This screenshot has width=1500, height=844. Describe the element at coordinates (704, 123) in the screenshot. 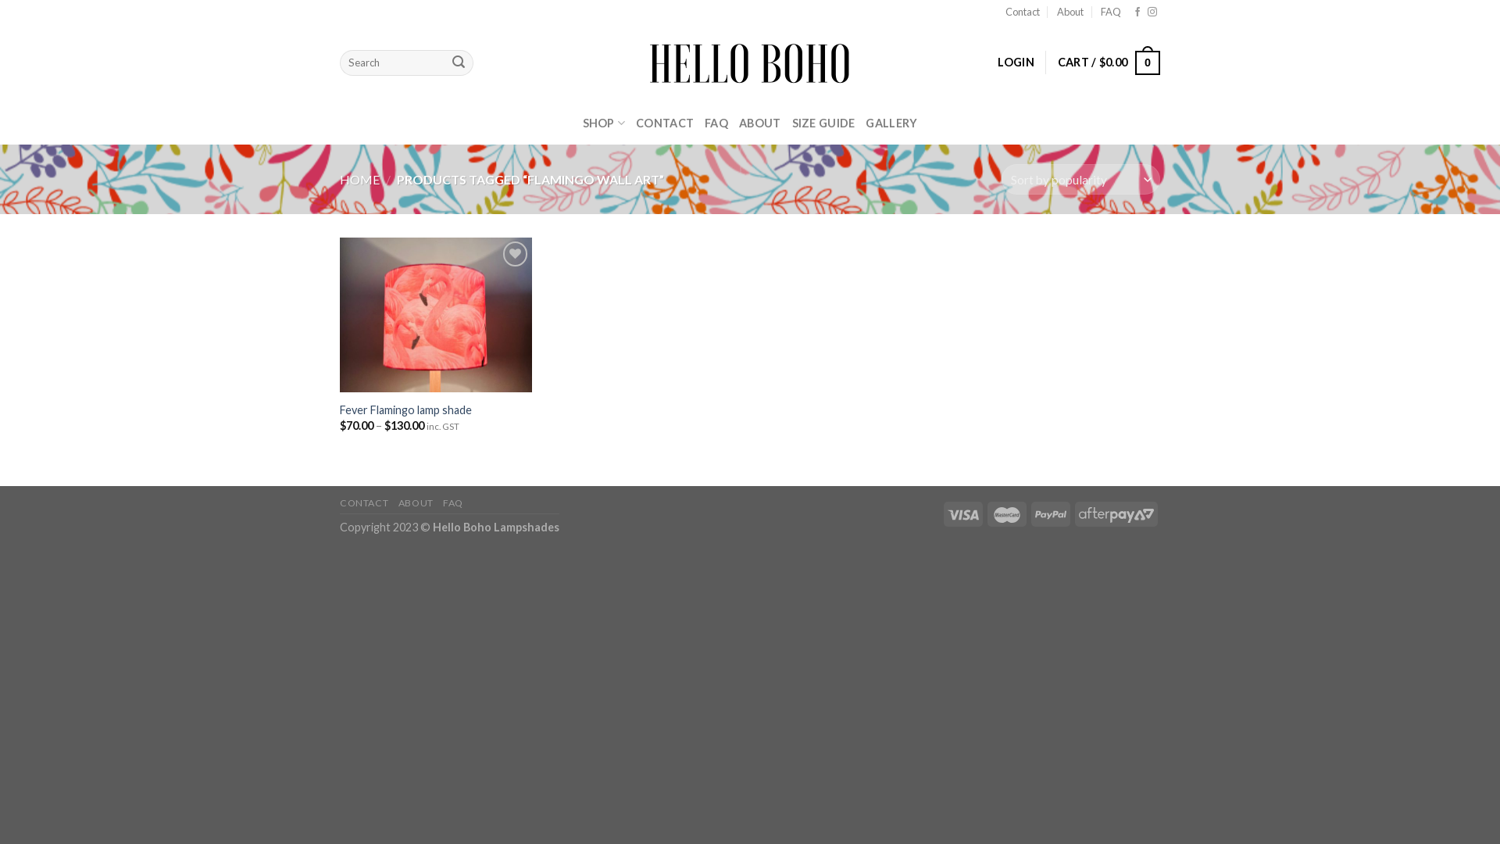

I see `'FAQ'` at that location.